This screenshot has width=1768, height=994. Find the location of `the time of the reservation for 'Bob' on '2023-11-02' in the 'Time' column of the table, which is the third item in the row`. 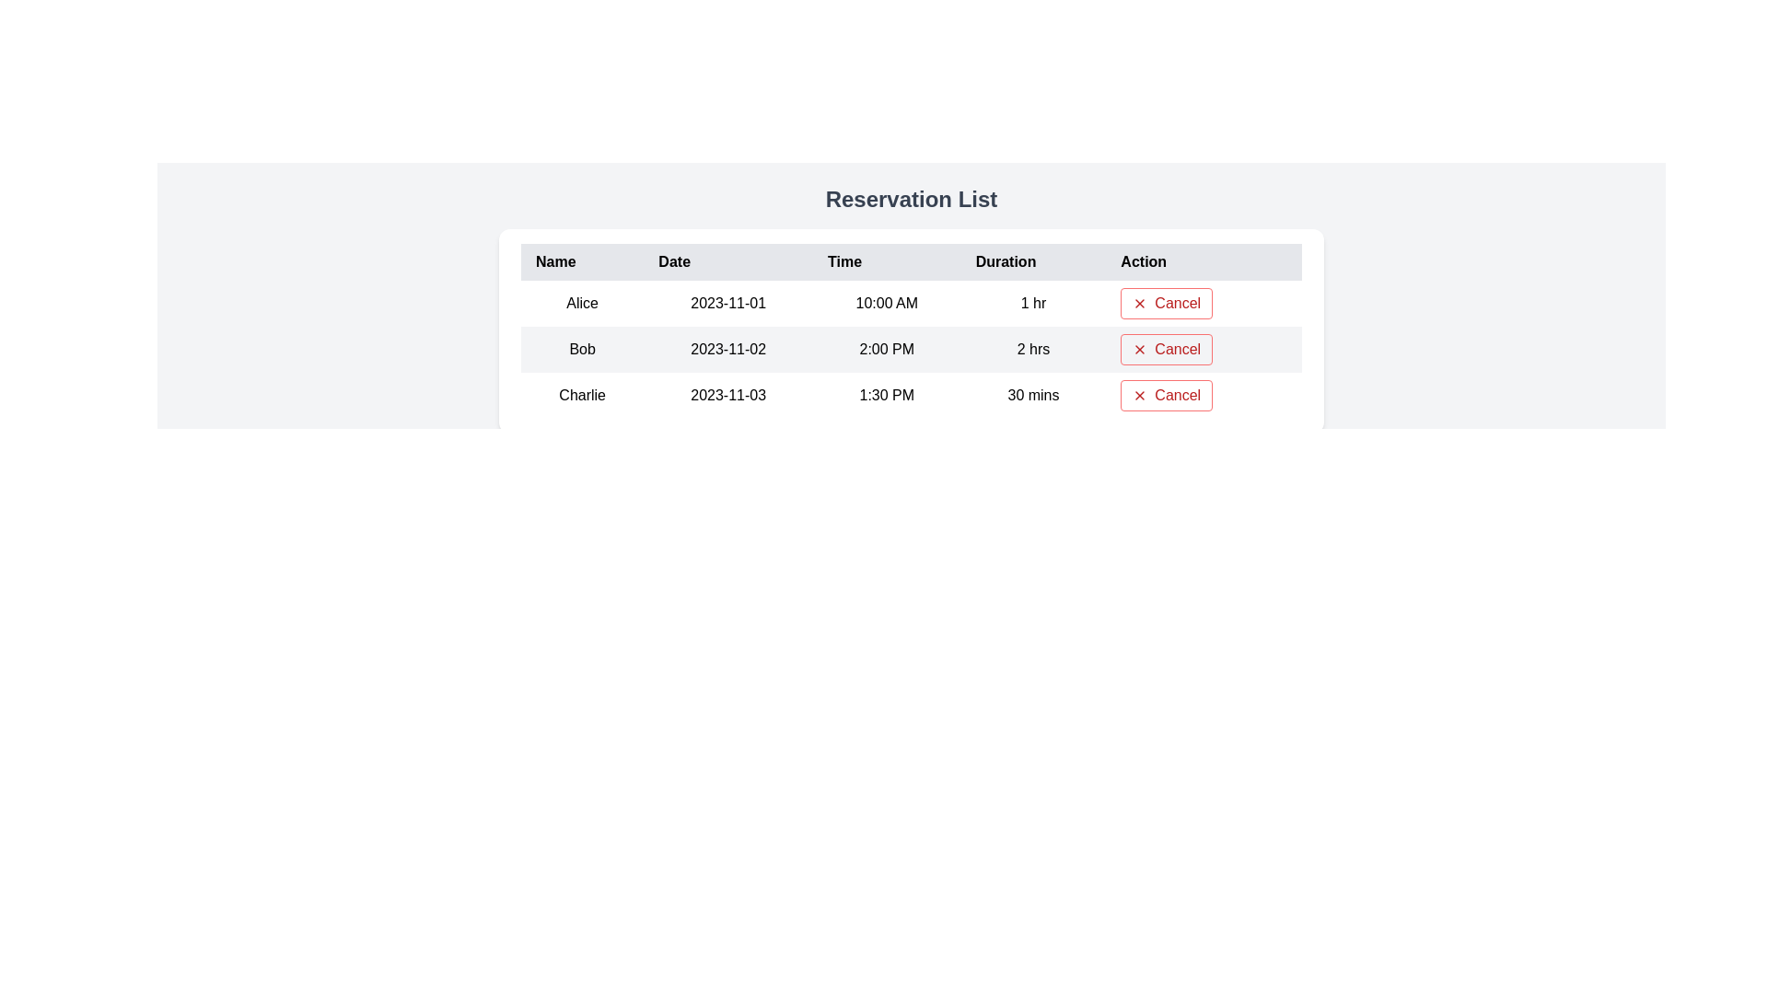

the time of the reservation for 'Bob' on '2023-11-02' in the 'Time' column of the table, which is the third item in the row is located at coordinates (887, 350).